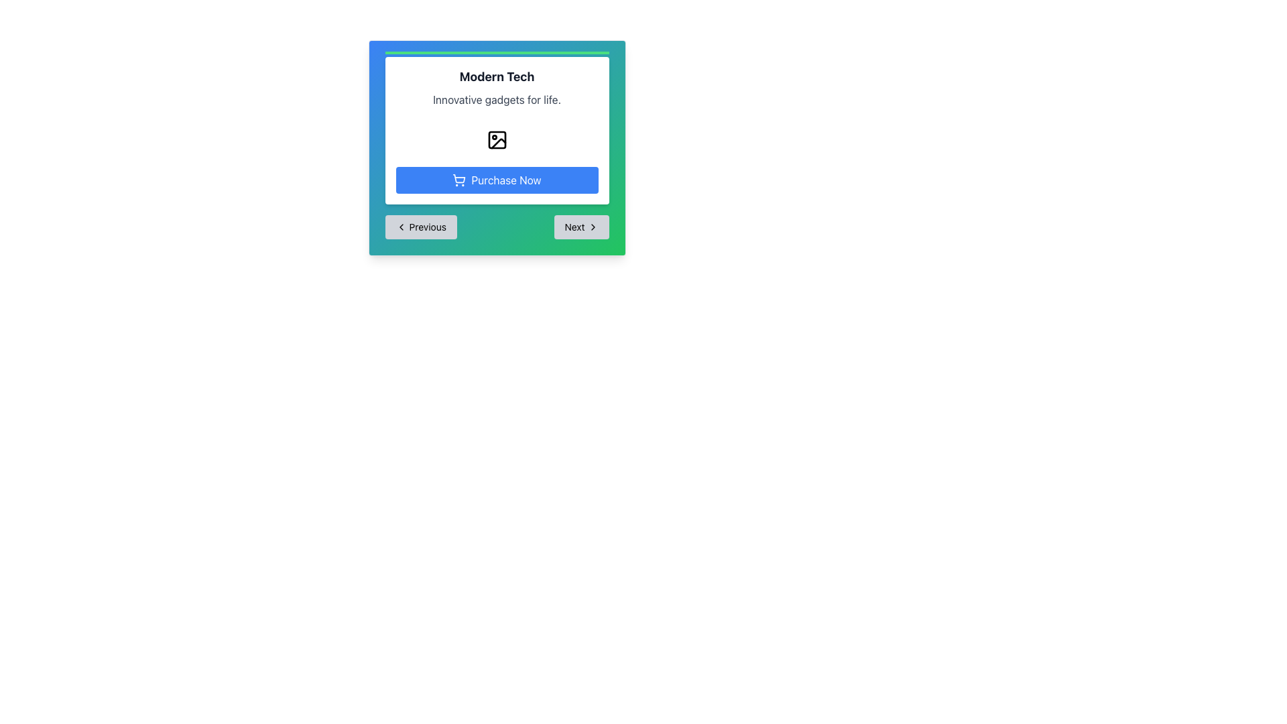  Describe the element at coordinates (496, 99) in the screenshot. I see `the static text element reading 'Innovative gadgets for life.' which is located below the bold title 'Modern Tech'` at that location.